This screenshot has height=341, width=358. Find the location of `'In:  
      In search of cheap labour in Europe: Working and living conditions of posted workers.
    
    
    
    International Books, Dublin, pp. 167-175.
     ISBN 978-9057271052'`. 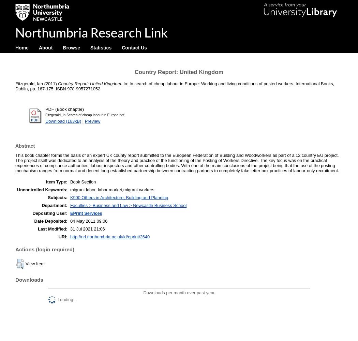

'In:  
      In search of cheap labour in Europe: Working and living conditions of posted workers.
    
    
    
    International Books, Dublin, pp. 167-175.
     ISBN 978-9057271052' is located at coordinates (174, 86).